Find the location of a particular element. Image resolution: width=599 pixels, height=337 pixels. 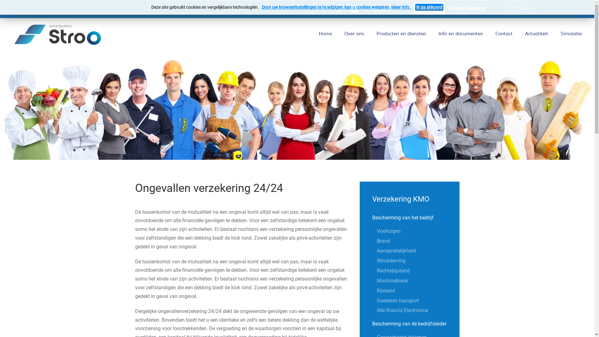

'Producten en diensten' is located at coordinates (401, 34).